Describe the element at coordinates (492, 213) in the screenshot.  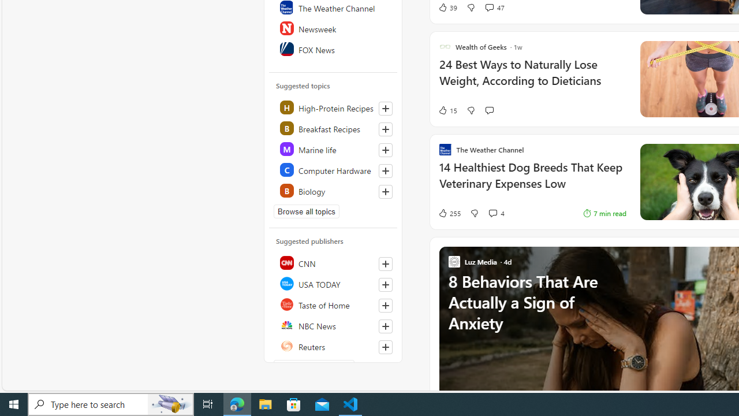
I see `'View comments 4 Comment'` at that location.